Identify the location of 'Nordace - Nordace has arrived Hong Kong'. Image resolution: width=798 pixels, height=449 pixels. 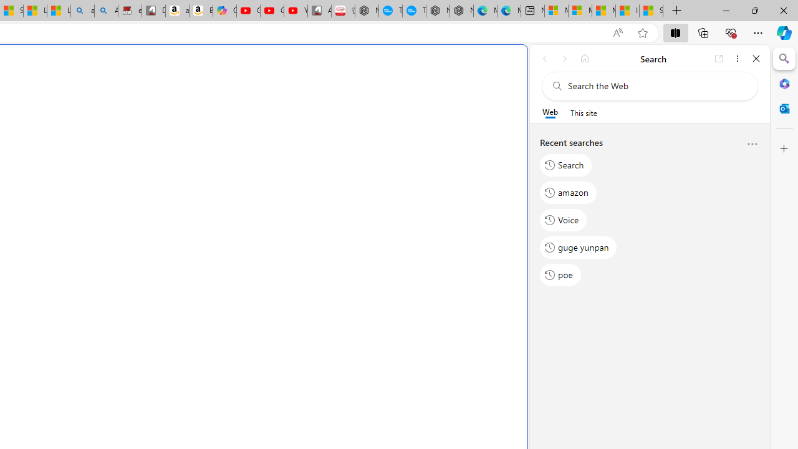
(461, 11).